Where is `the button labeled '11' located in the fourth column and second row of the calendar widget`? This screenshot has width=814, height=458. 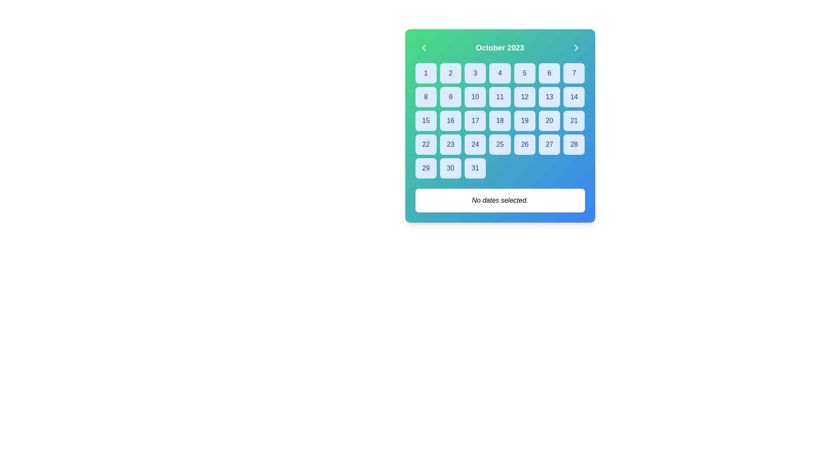 the button labeled '11' located in the fourth column and second row of the calendar widget is located at coordinates (500, 96).